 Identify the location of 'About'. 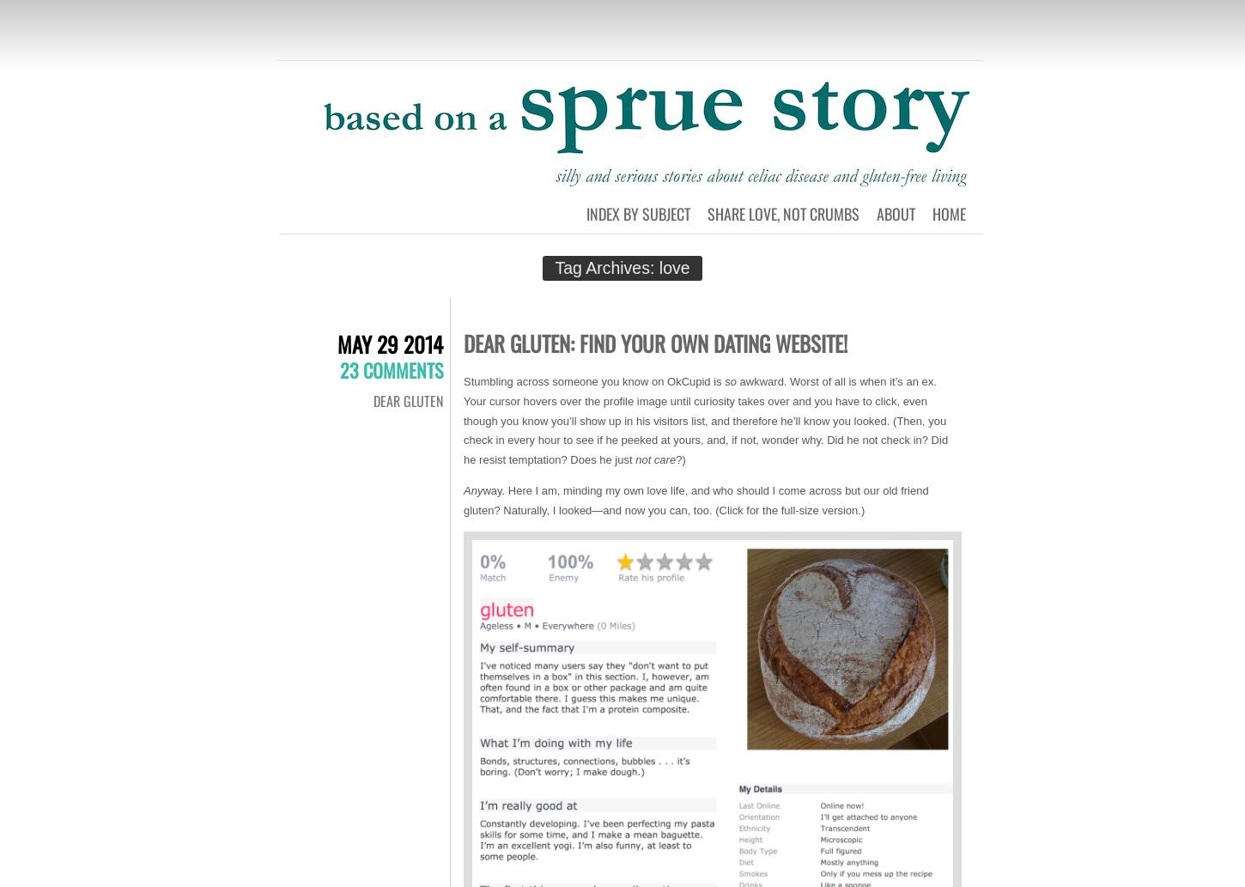
(896, 212).